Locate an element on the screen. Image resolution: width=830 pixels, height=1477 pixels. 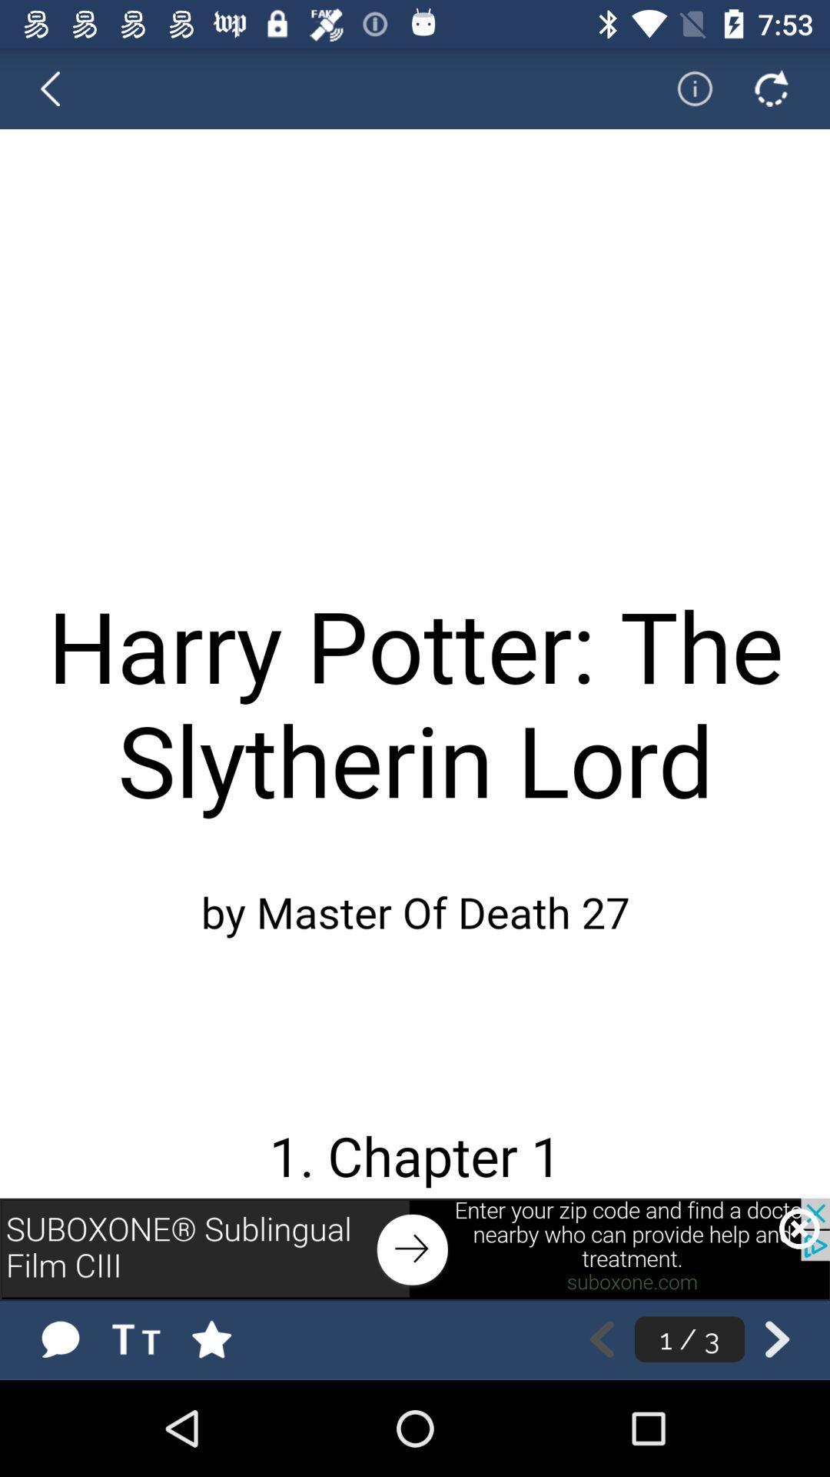
the arrow_backward icon is located at coordinates (59, 88).